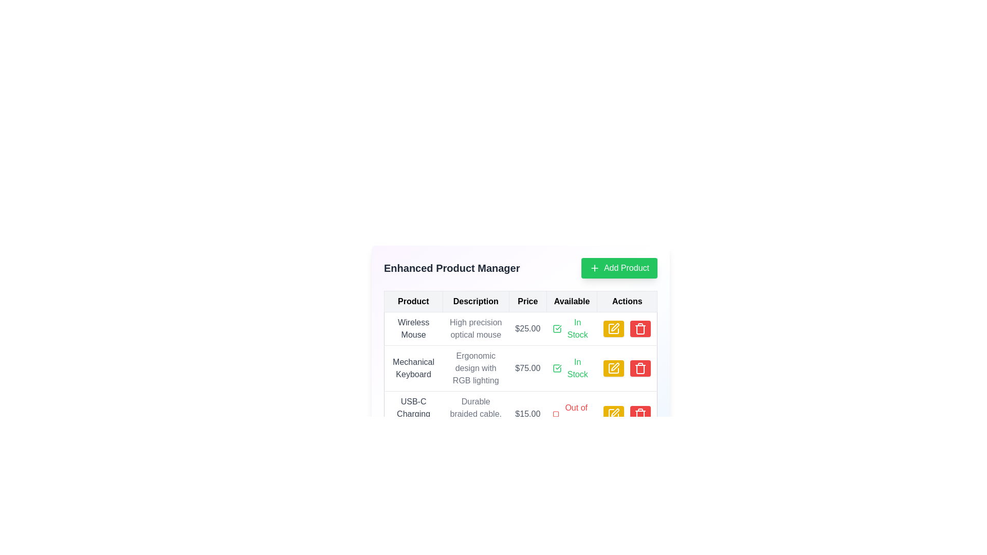 The width and height of the screenshot is (987, 555). Describe the element at coordinates (571, 368) in the screenshot. I see `the 'In Stock' label with a green checkmark icon located in the second row of the table under the 'Available' column for the product 'Mechanical Keyboard.'` at that location.